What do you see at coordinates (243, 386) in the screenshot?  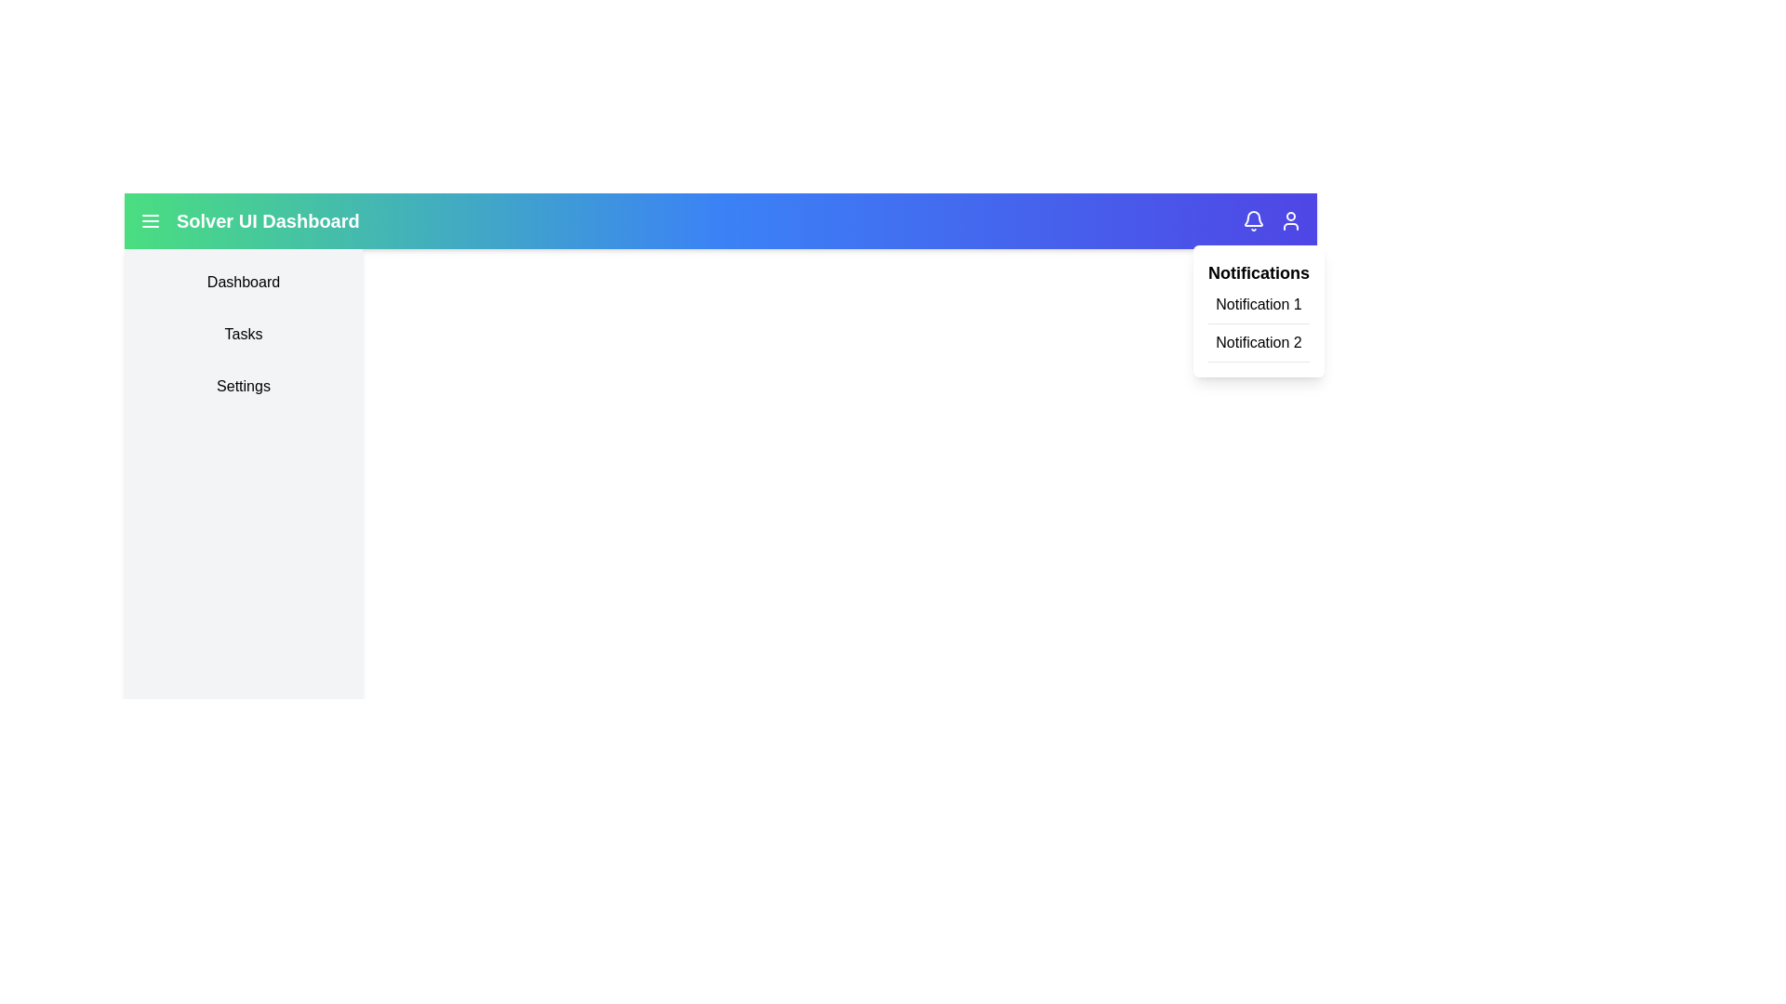 I see `the 'Settings' button located in the vertical menu list` at bounding box center [243, 386].